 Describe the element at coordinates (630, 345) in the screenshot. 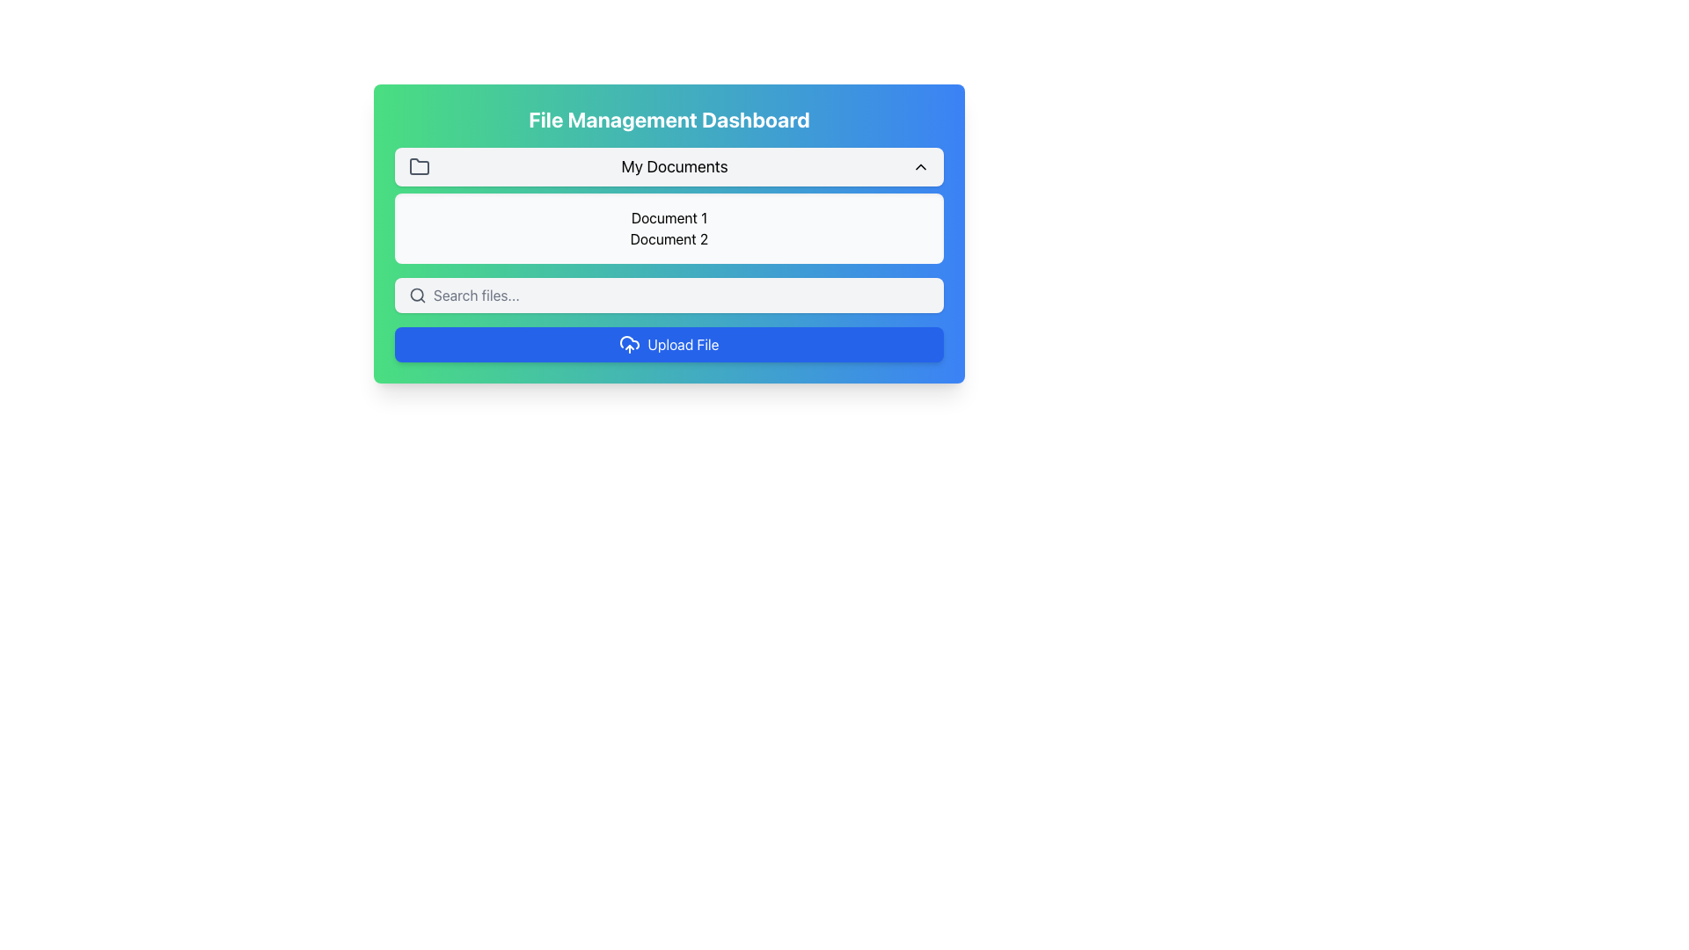

I see `the cloud icon with upward-facing arrow inside the 'Upload File' button located in the File Management Dashboard` at that location.